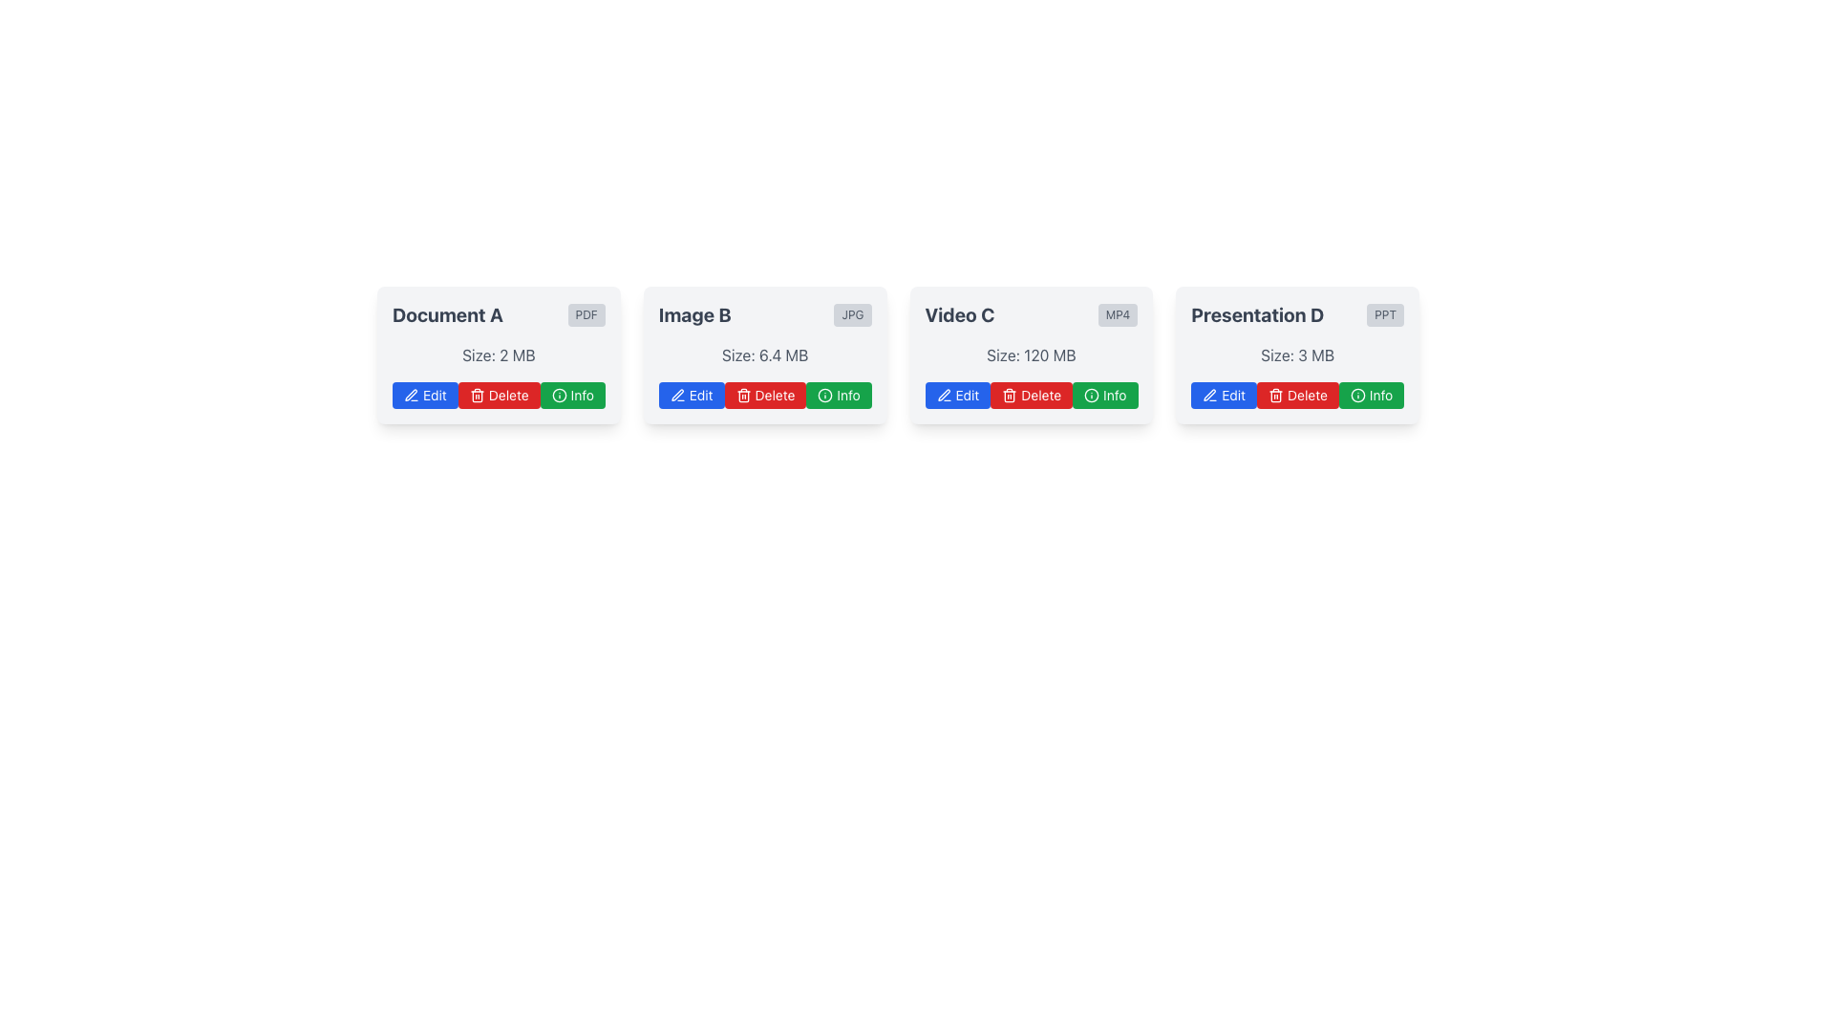  Describe the element at coordinates (958, 394) in the screenshot. I see `the 'Edit' button located in the top-left corner of the third card labeled 'Video C'` at that location.